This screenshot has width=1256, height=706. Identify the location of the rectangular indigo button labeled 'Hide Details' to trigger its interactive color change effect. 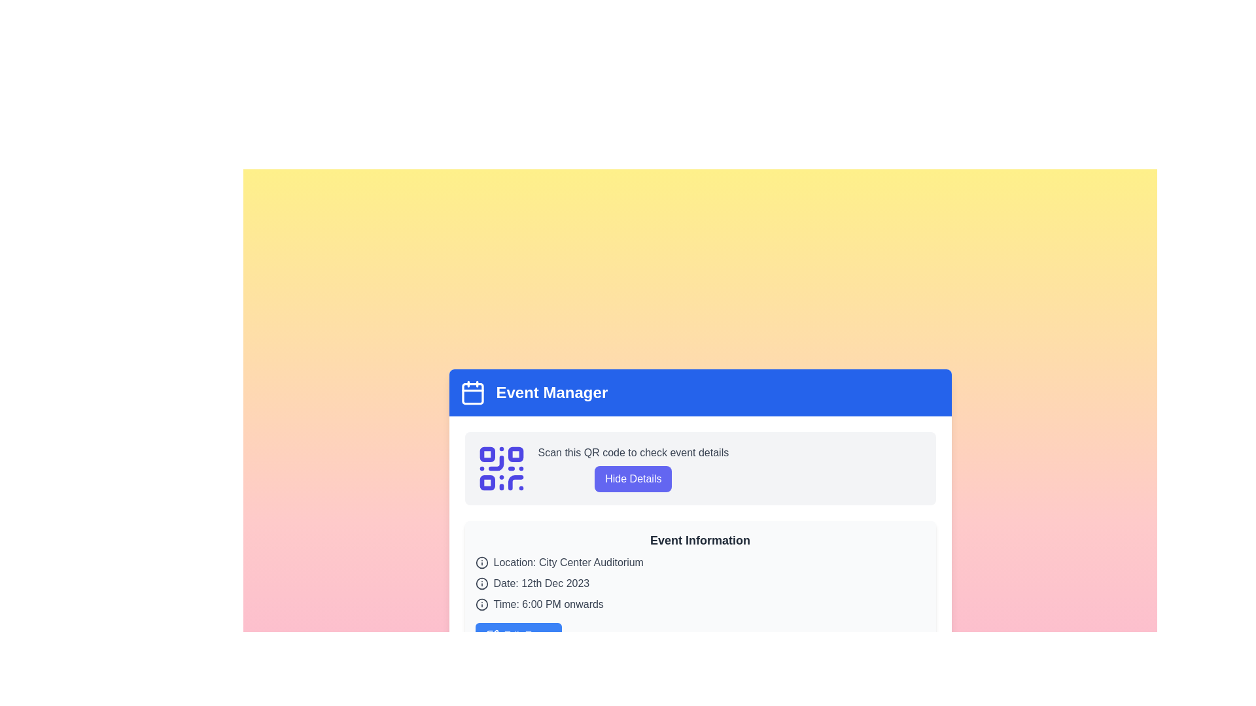
(633, 479).